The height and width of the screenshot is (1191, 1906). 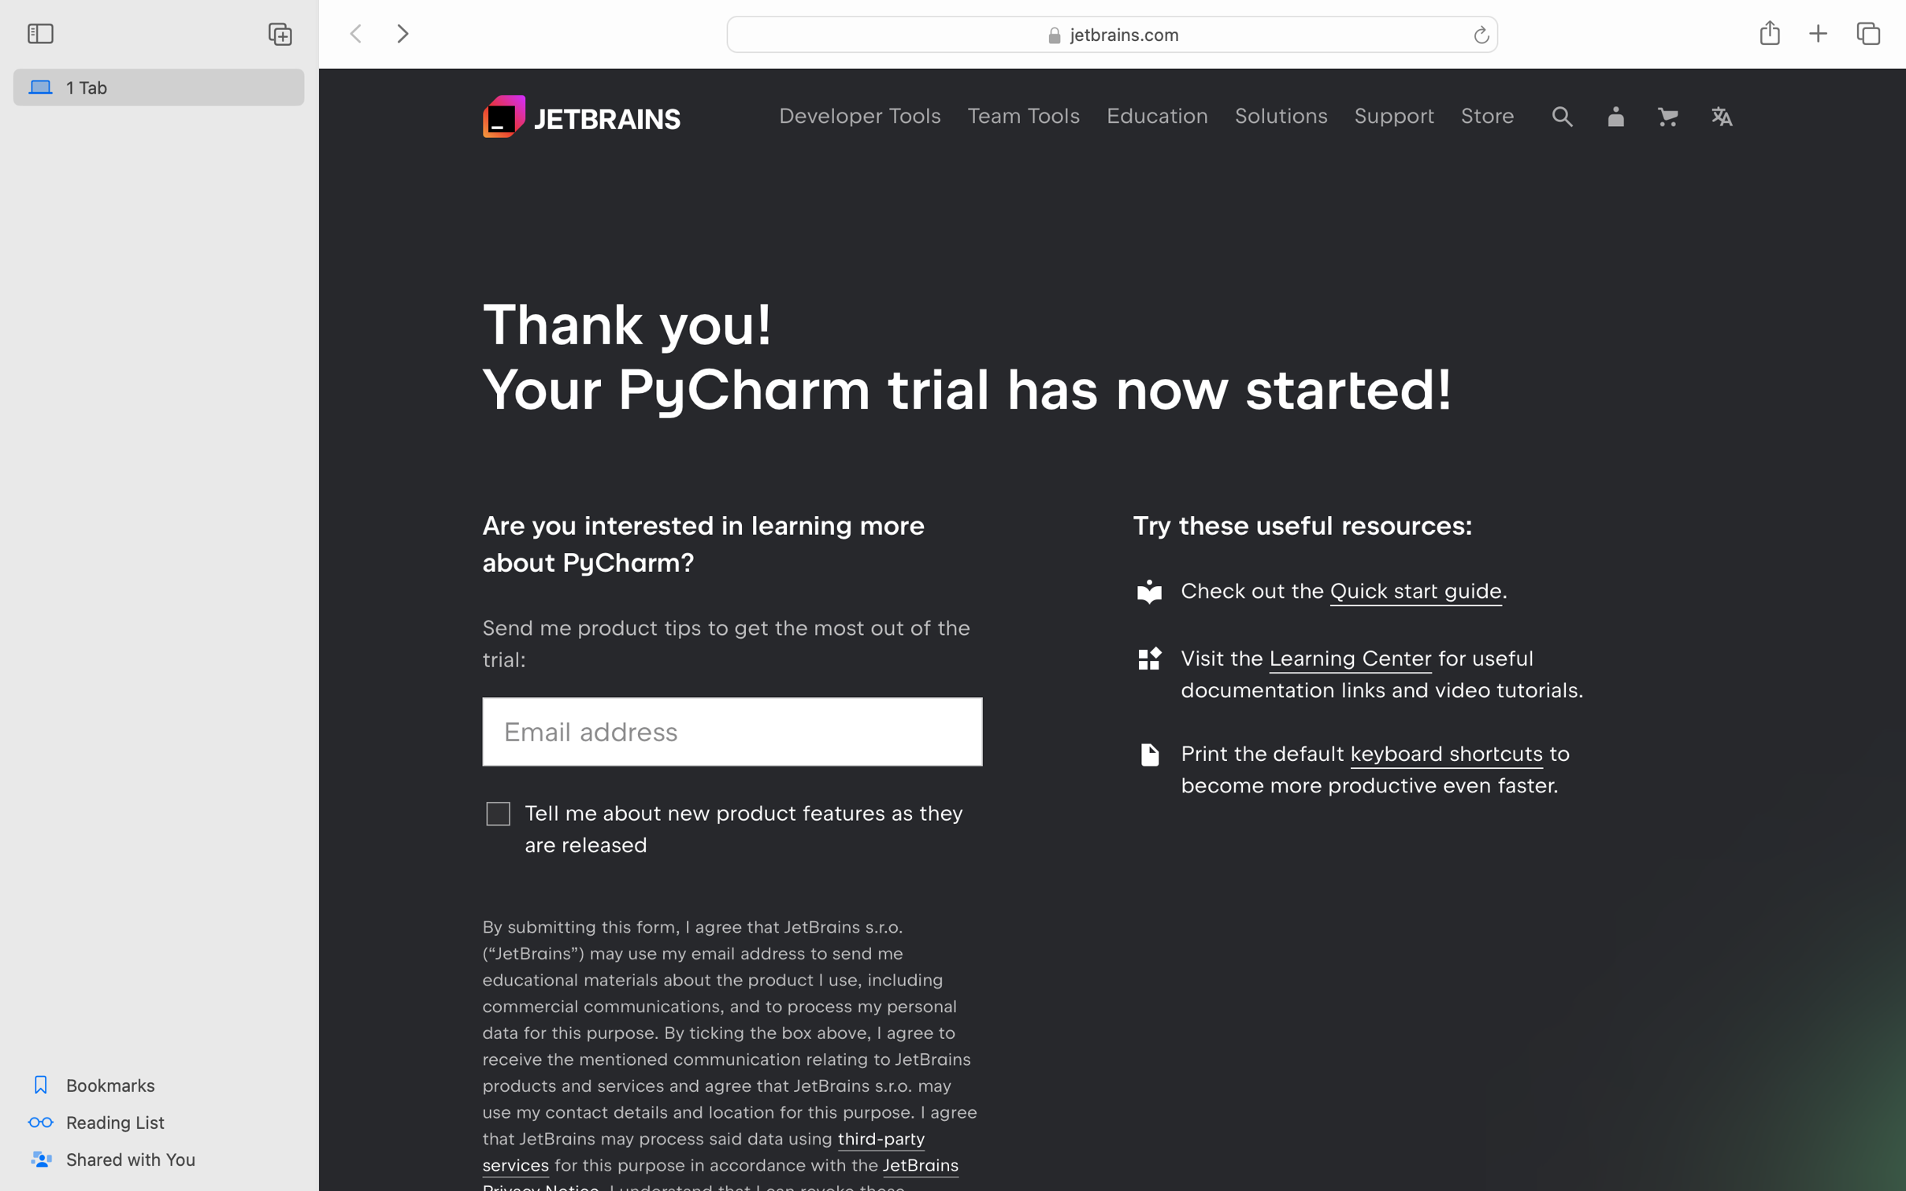 What do you see at coordinates (1375, 769) in the screenshot?
I see `'to become more productive even faster.'` at bounding box center [1375, 769].